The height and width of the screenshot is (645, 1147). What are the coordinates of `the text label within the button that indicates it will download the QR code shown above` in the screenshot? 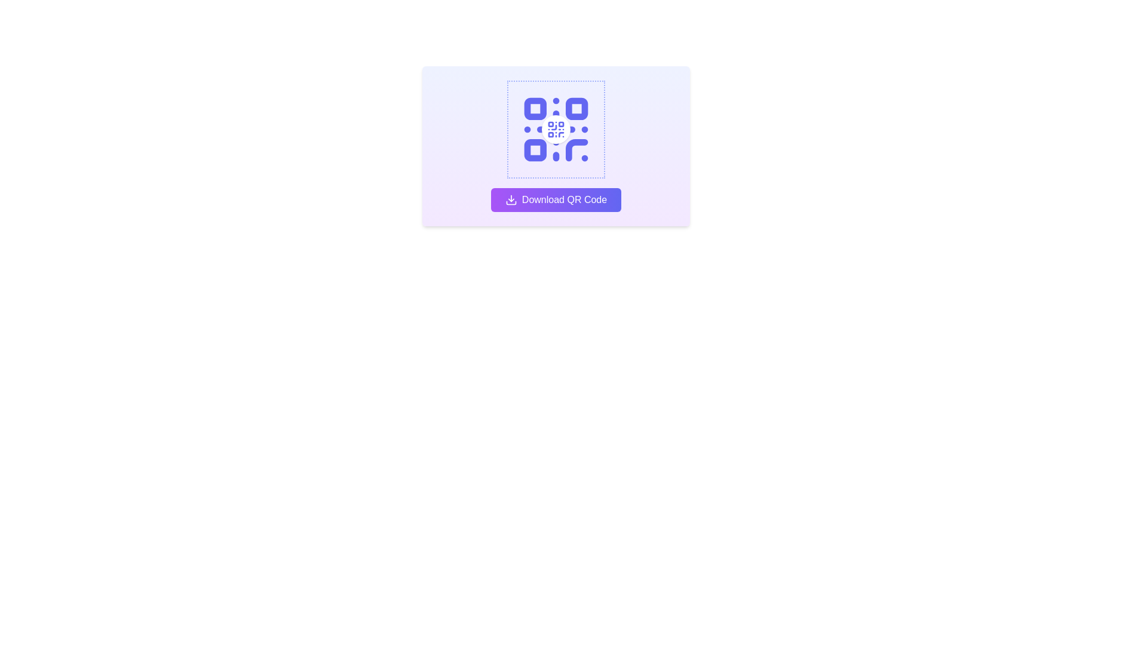 It's located at (564, 199).